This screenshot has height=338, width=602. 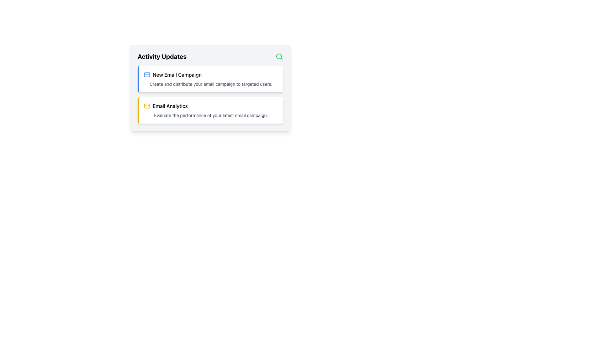 What do you see at coordinates (211, 84) in the screenshot?
I see `the text element containing 'Create and distribute your email campaign to targeted users.' which is located directly below the 'New Email Campaign' title in a card with a blue left border` at bounding box center [211, 84].